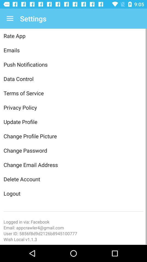 This screenshot has height=262, width=147. I want to click on privacy policy, so click(73, 107).